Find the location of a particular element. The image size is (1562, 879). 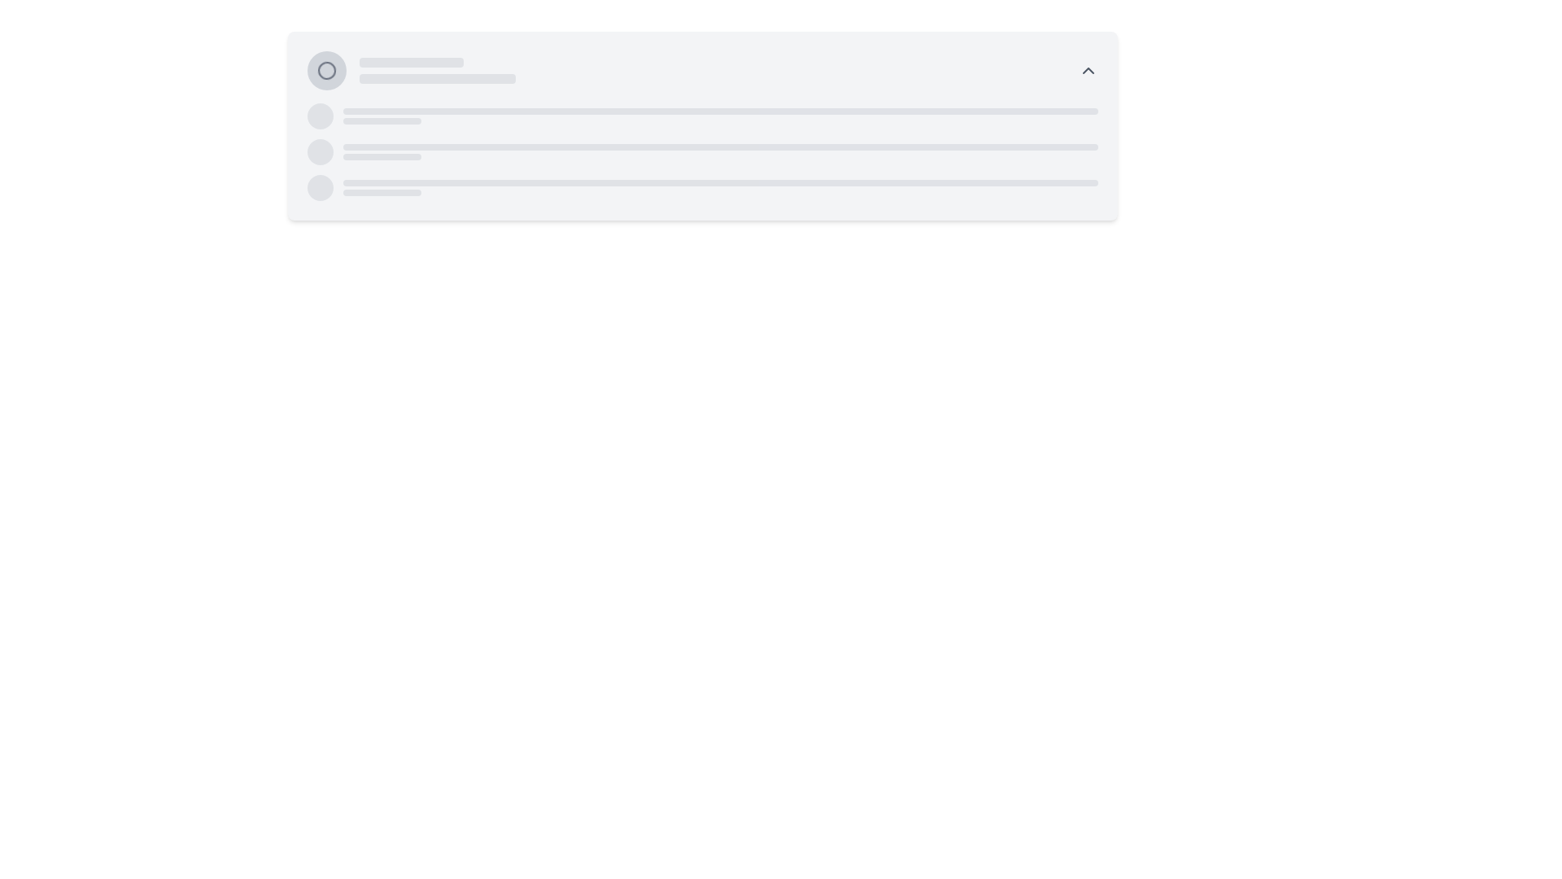

the Loading Spinner Icon, which is a circular icon with an outline styled in subtle gray, located at the top-left section of the interface is located at coordinates (326, 70).